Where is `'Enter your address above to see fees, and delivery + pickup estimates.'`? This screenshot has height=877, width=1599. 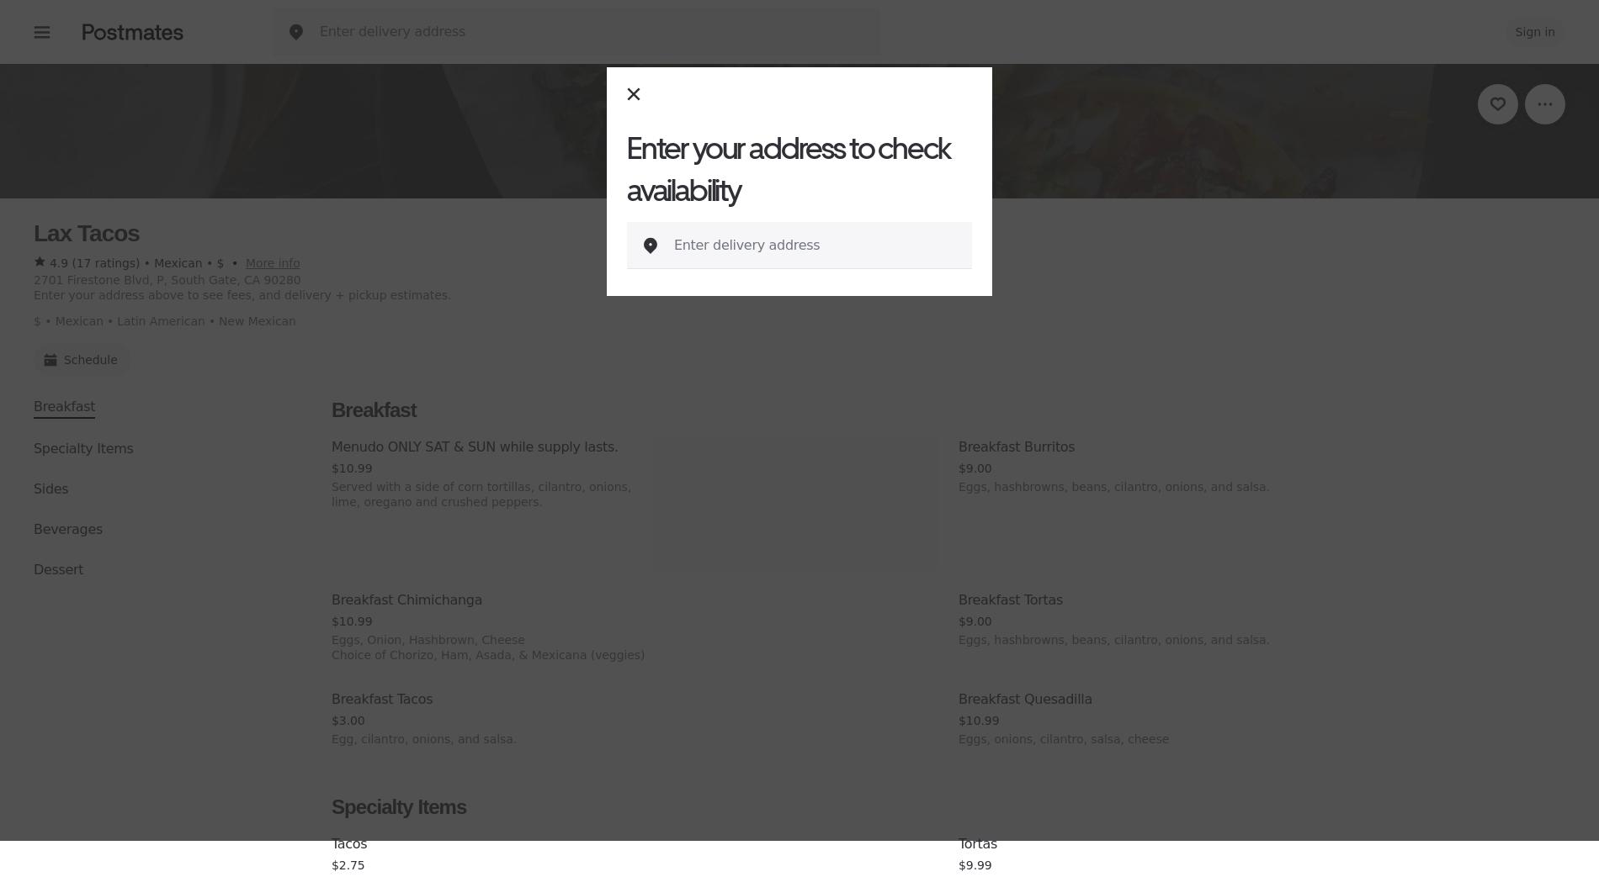 'Enter your address above to see fees, and delivery + pickup estimates.' is located at coordinates (34, 293).